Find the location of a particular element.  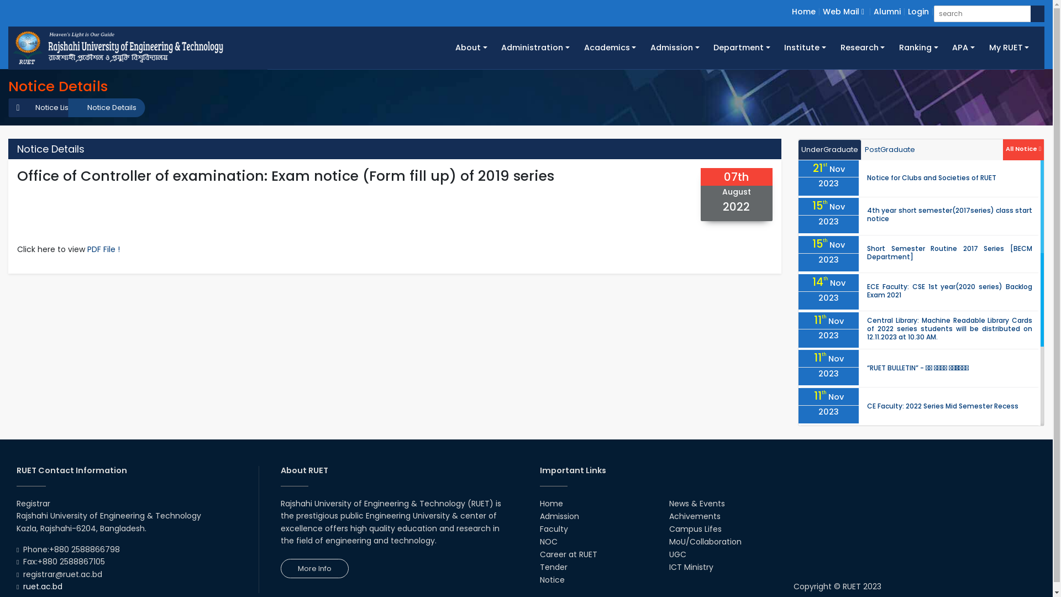

'Notice List' is located at coordinates (47, 108).